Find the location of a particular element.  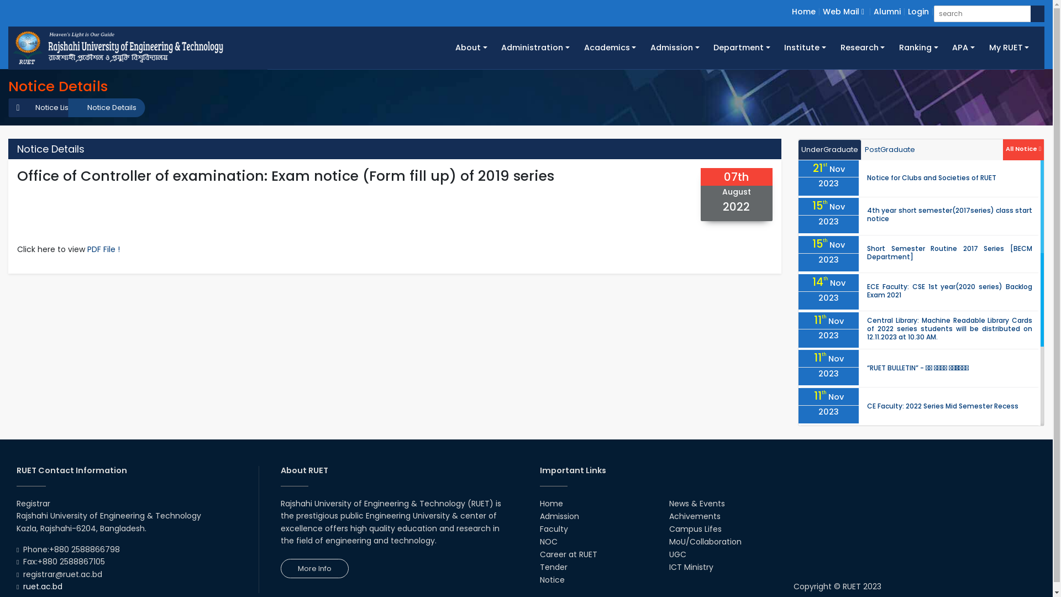

'Notice List' is located at coordinates (47, 108).